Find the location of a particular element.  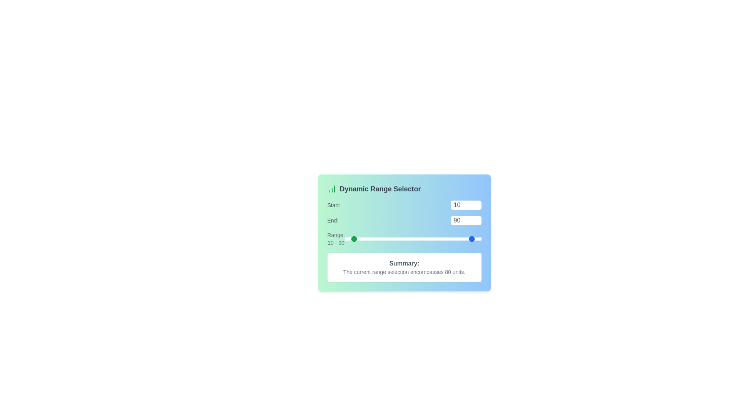

the 'Start' range value to 51 using the input box is located at coordinates (465, 204).